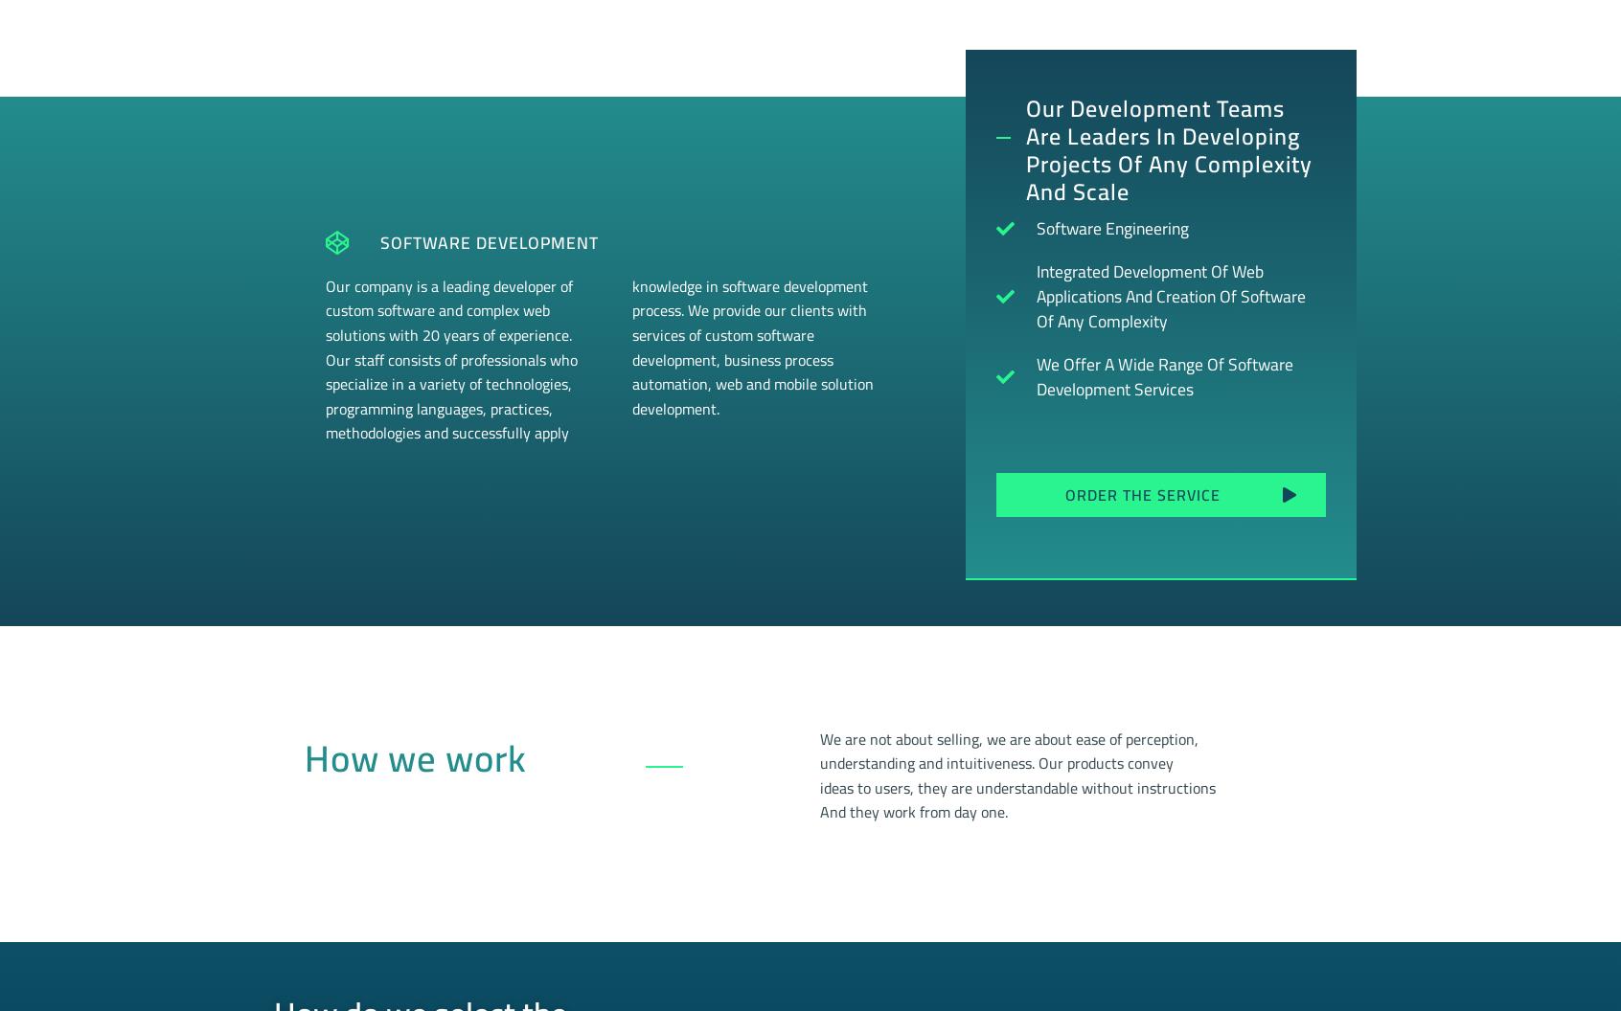 This screenshot has width=1621, height=1011. Describe the element at coordinates (1170, 295) in the screenshot. I see `'Integrated development of web applications and creation of software of any complexity'` at that location.